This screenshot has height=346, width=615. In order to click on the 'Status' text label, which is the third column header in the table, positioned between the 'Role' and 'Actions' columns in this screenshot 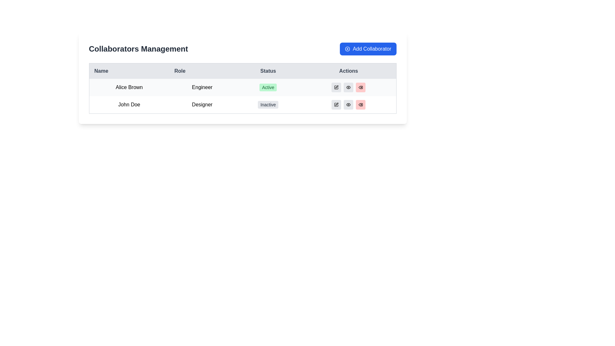, I will do `click(268, 71)`.